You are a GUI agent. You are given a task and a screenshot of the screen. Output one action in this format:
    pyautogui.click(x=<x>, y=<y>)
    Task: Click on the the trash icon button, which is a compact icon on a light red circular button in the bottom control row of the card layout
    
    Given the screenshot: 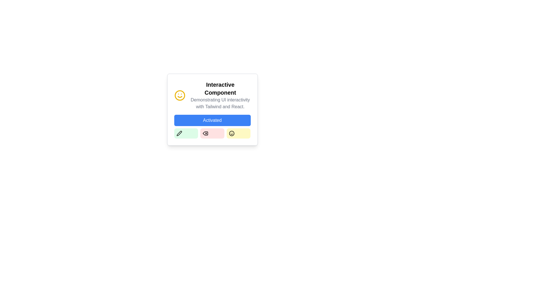 What is the action you would take?
    pyautogui.click(x=205, y=133)
    